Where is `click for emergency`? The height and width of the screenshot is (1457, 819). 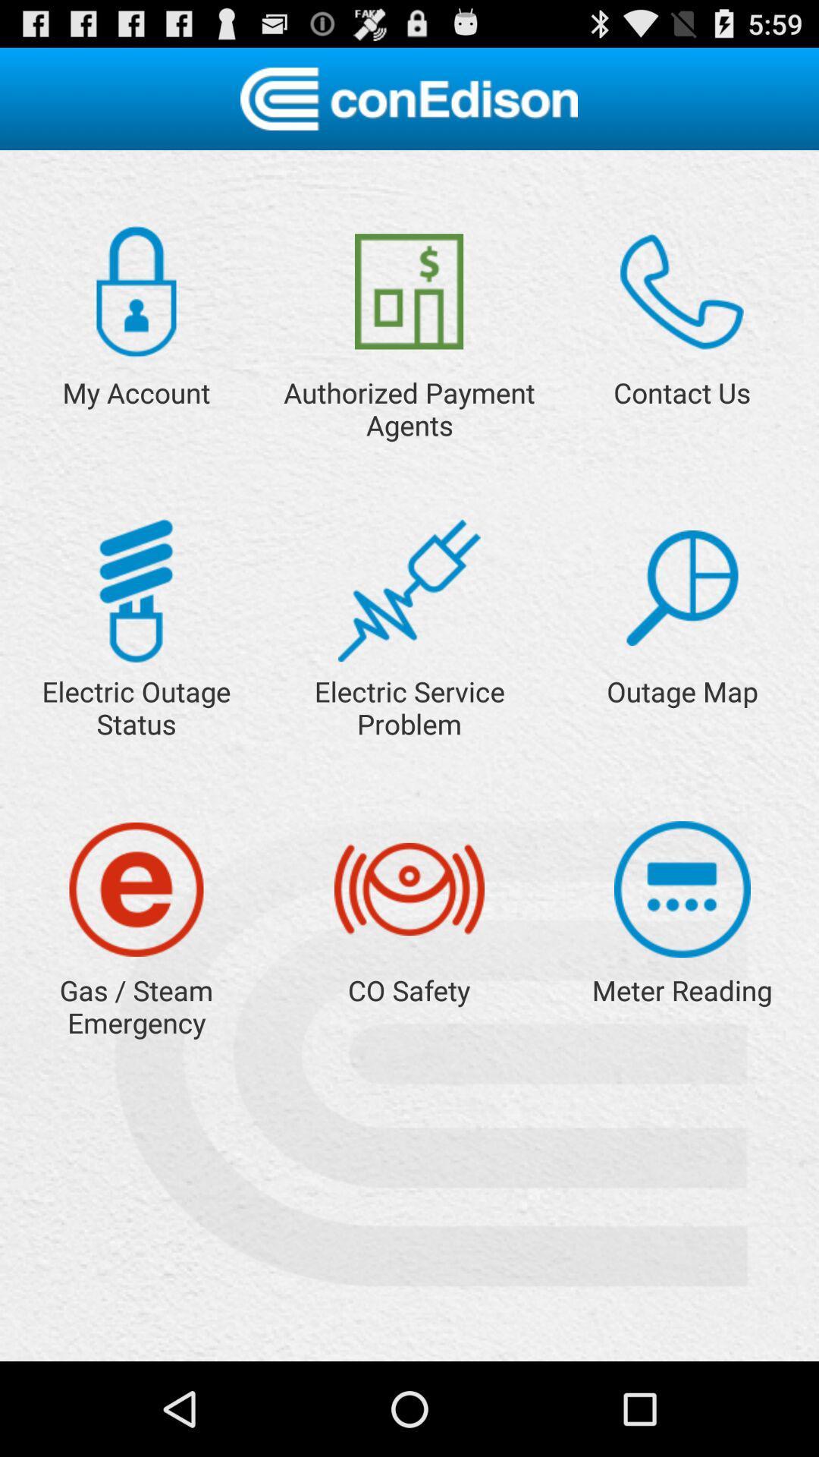
click for emergency is located at coordinates (136, 889).